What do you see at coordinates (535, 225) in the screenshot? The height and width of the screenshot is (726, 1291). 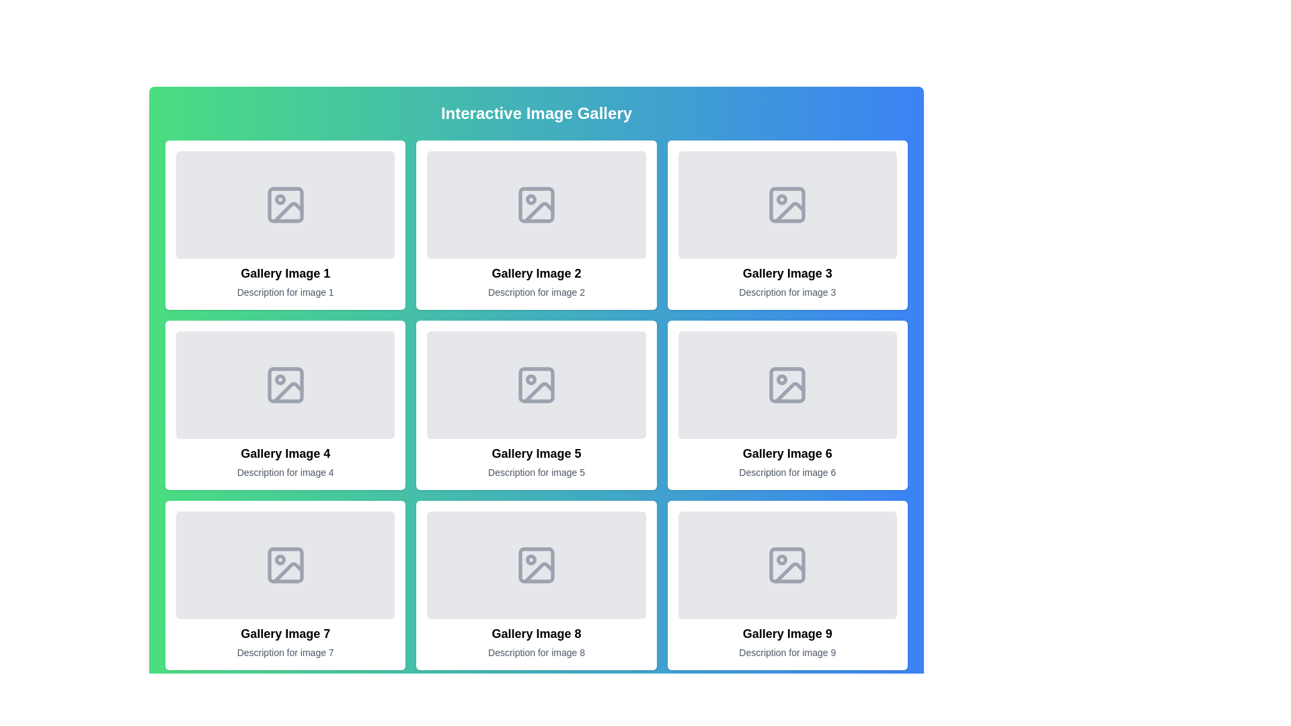 I see `keyboard navigation` at bounding box center [535, 225].